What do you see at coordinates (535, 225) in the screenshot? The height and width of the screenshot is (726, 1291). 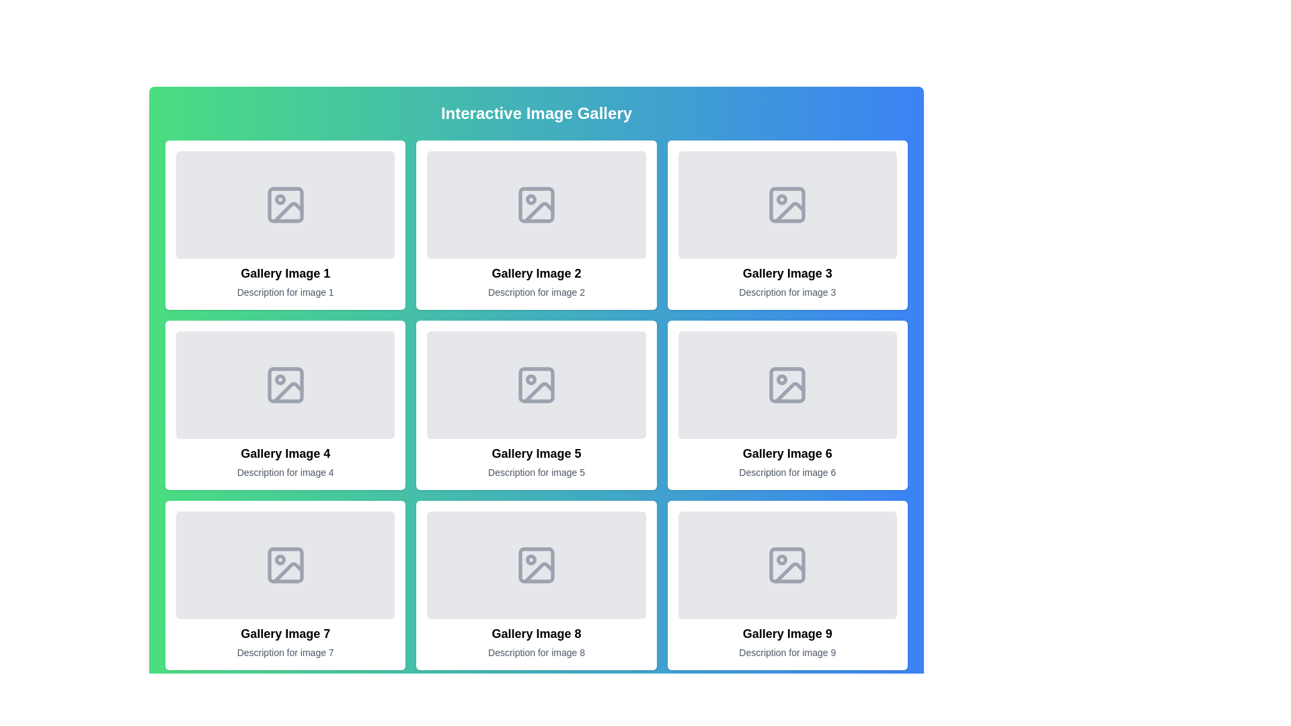 I see `keyboard navigation` at bounding box center [535, 225].